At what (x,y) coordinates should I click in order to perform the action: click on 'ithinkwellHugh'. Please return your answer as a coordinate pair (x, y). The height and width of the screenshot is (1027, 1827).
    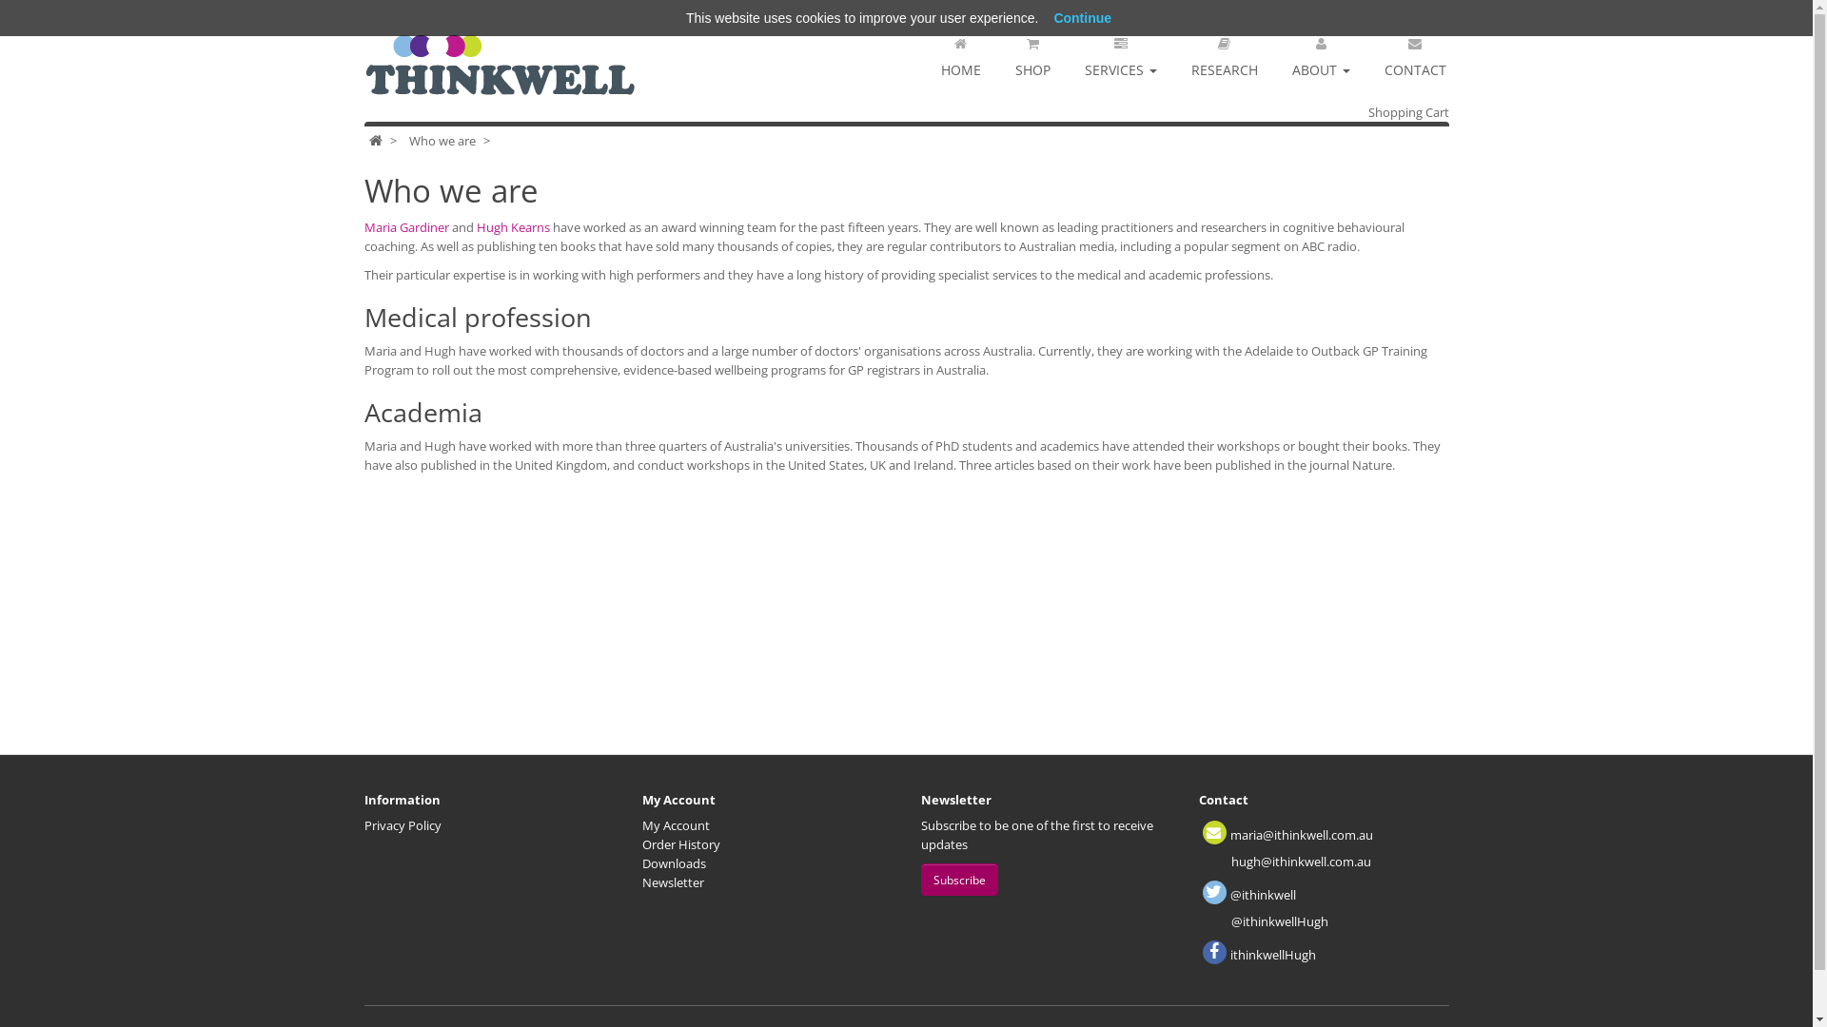
    Looking at the image, I should click on (1273, 954).